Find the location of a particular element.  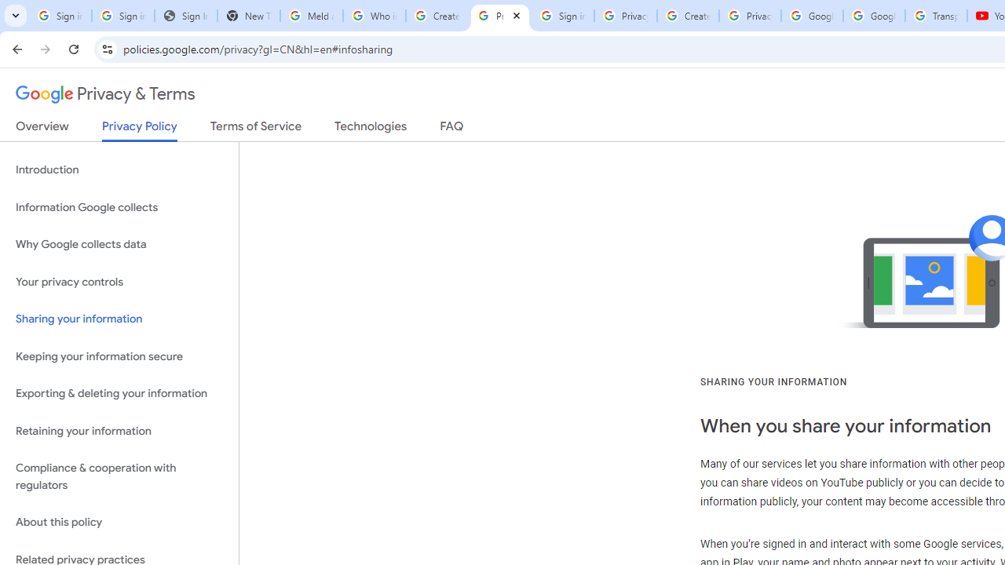

'Why Google collects data' is located at coordinates (119, 245).